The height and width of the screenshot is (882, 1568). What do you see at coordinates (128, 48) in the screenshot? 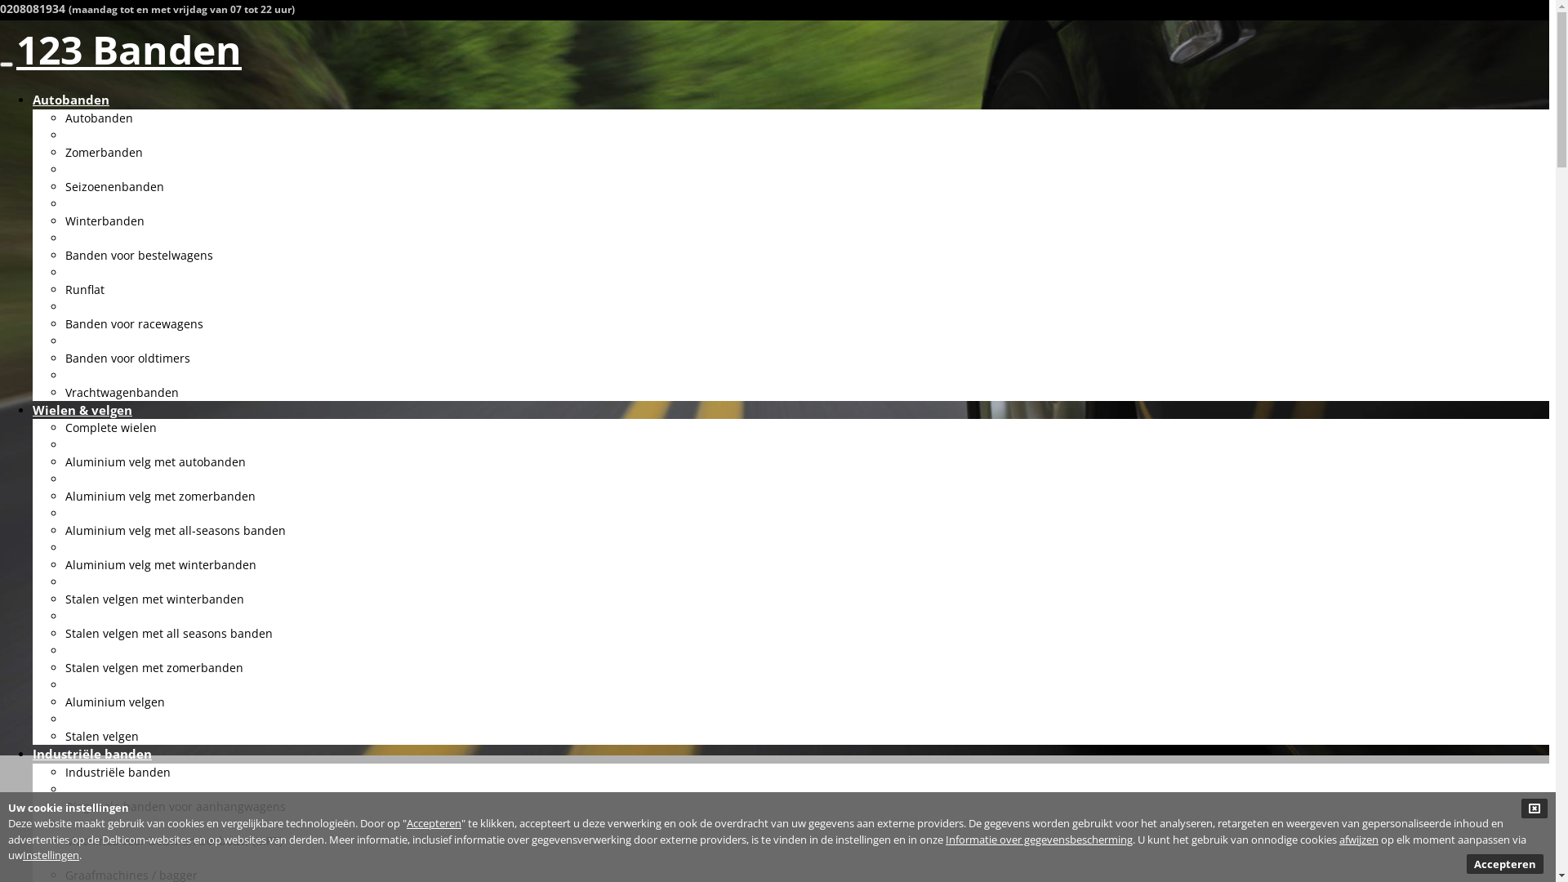
I see `'123 Banden'` at bounding box center [128, 48].